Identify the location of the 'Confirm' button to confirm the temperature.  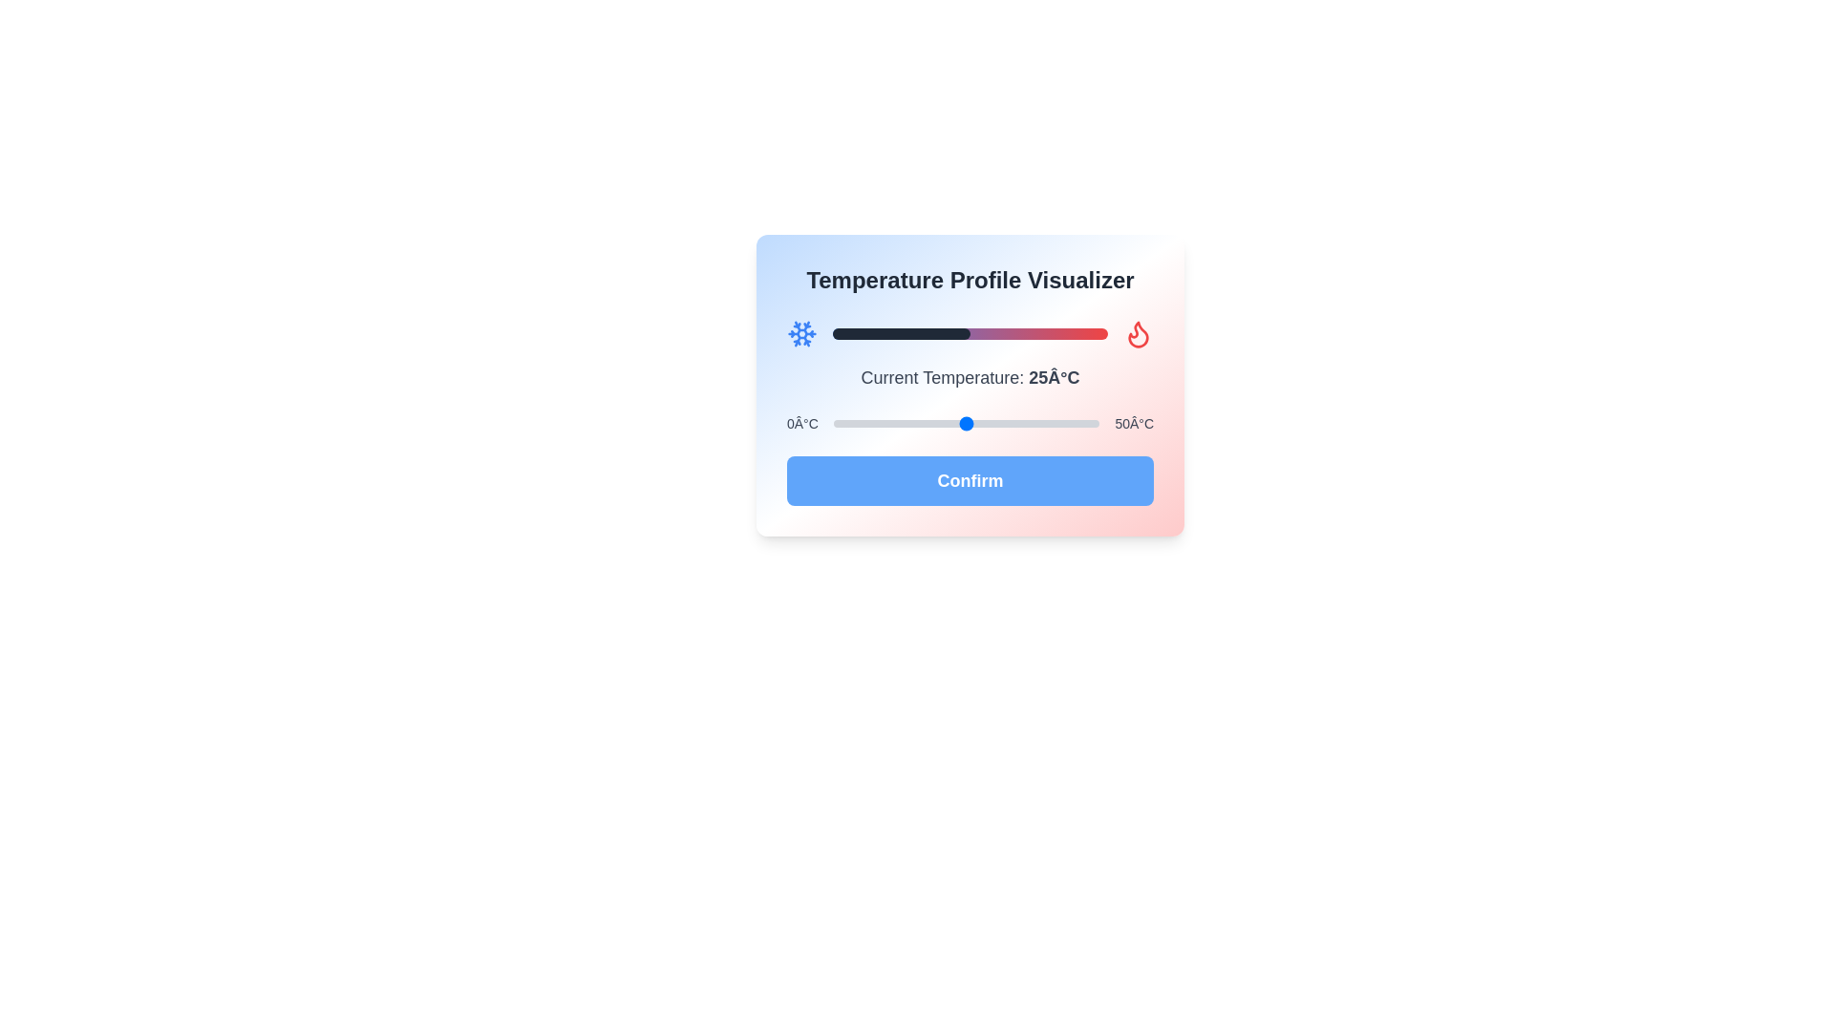
(970, 480).